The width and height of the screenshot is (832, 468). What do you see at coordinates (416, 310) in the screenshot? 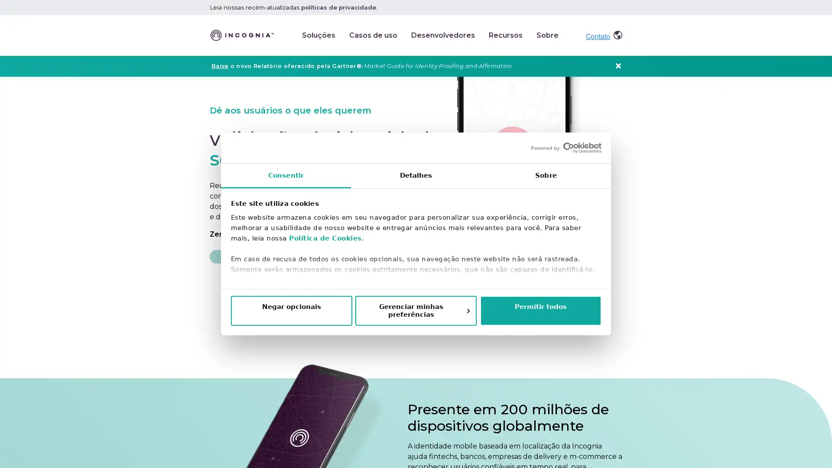
I see `Gerenciar minhas preferencias` at bounding box center [416, 310].